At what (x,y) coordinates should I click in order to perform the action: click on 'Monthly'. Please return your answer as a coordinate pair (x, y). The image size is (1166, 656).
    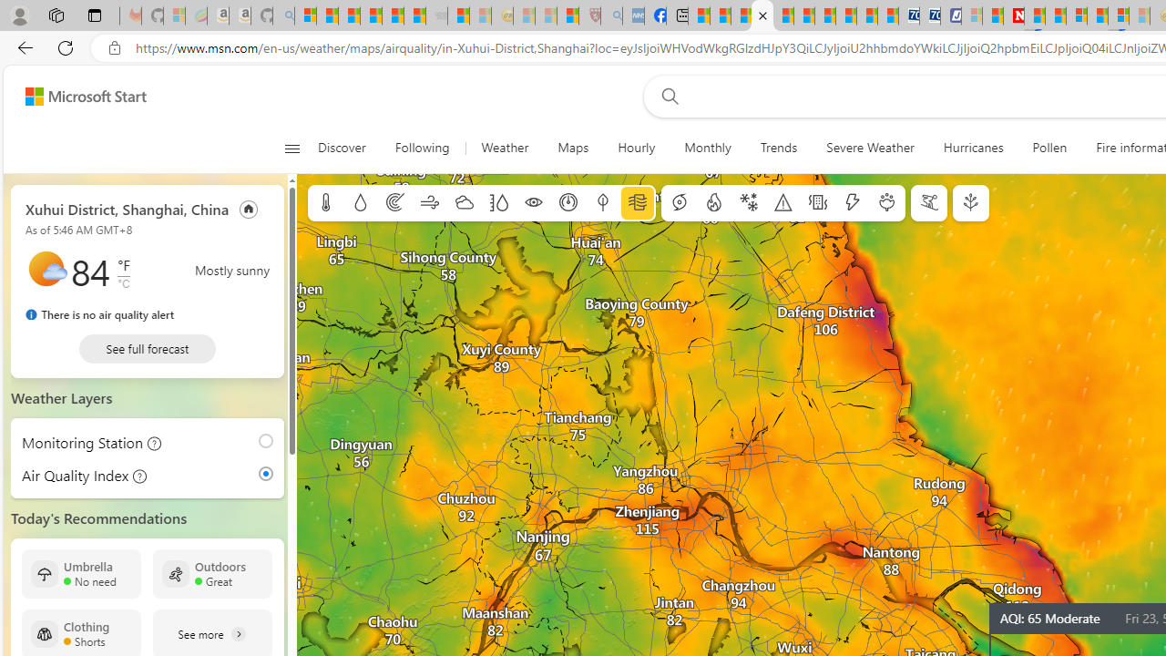
    Looking at the image, I should click on (706, 148).